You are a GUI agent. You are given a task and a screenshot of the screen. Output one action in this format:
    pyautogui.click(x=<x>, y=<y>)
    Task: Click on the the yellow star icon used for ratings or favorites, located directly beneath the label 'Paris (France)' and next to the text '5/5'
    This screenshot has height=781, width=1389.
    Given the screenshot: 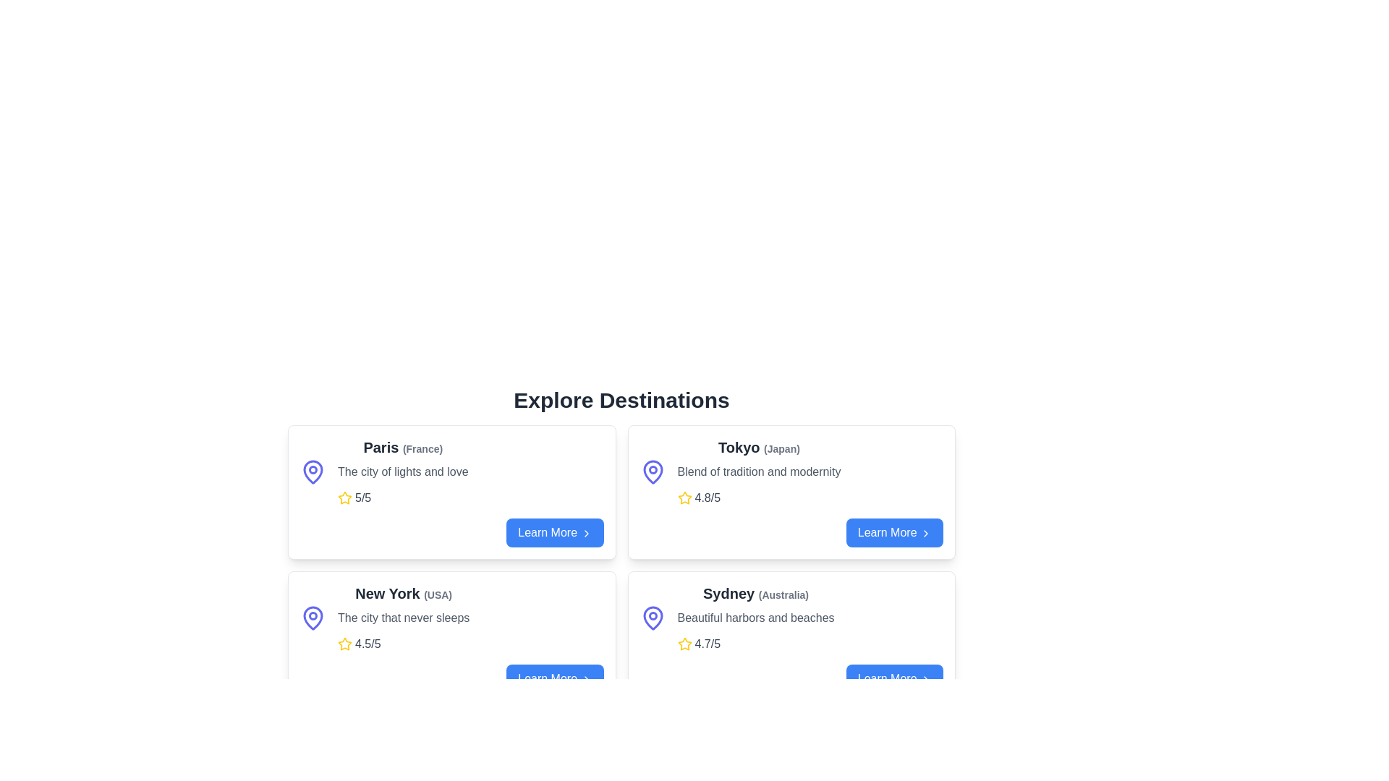 What is the action you would take?
    pyautogui.click(x=344, y=498)
    